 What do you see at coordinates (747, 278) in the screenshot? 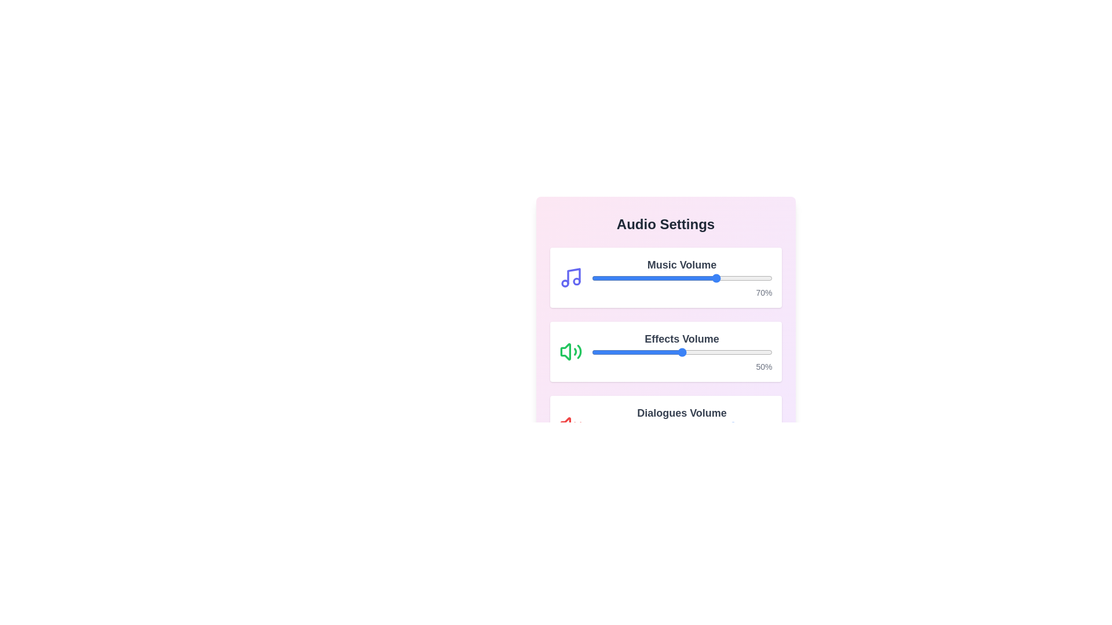
I see `the music volume slider to 86%` at bounding box center [747, 278].